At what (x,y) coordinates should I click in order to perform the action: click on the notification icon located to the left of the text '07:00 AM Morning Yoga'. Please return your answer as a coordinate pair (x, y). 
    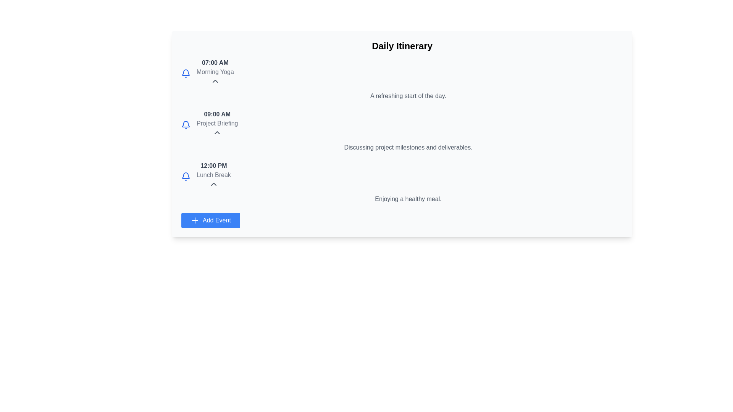
    Looking at the image, I should click on (186, 73).